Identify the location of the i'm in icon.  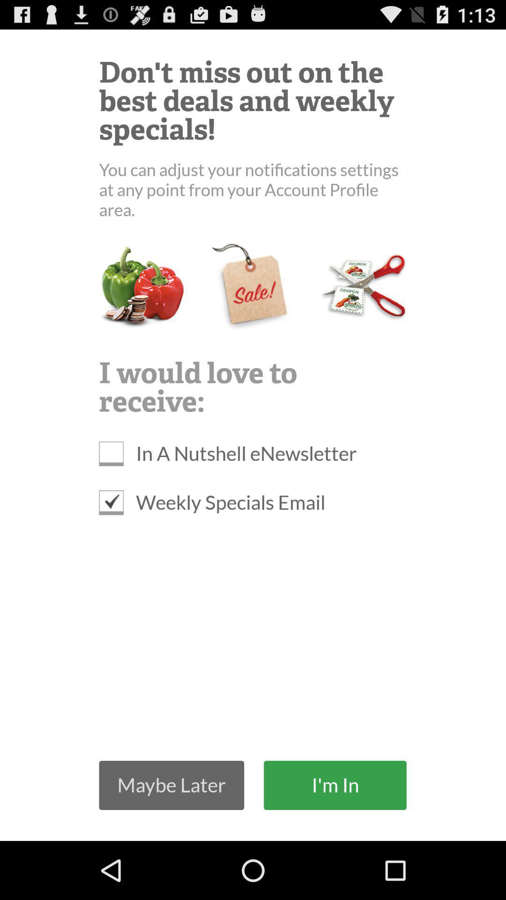
(335, 785).